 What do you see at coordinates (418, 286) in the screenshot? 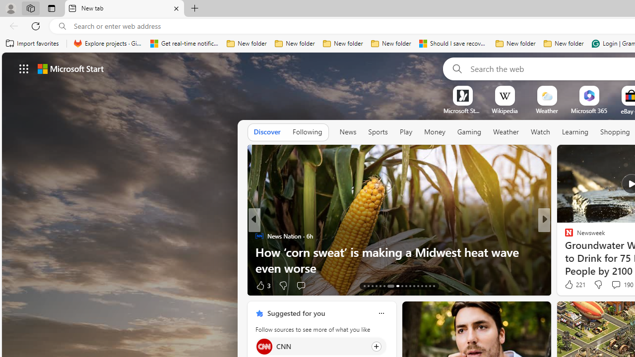
I see `'AutomationID: tab-25'` at bounding box center [418, 286].